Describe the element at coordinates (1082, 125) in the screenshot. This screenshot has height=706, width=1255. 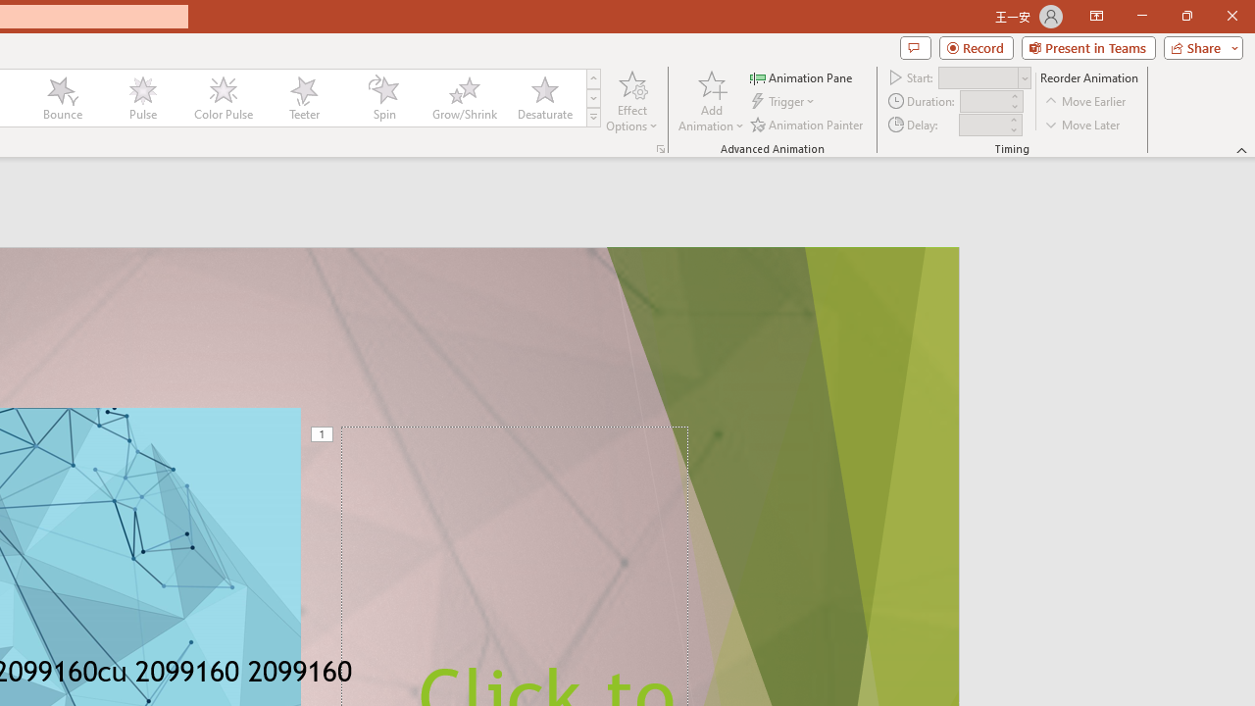
I see `'Move Later'` at that location.